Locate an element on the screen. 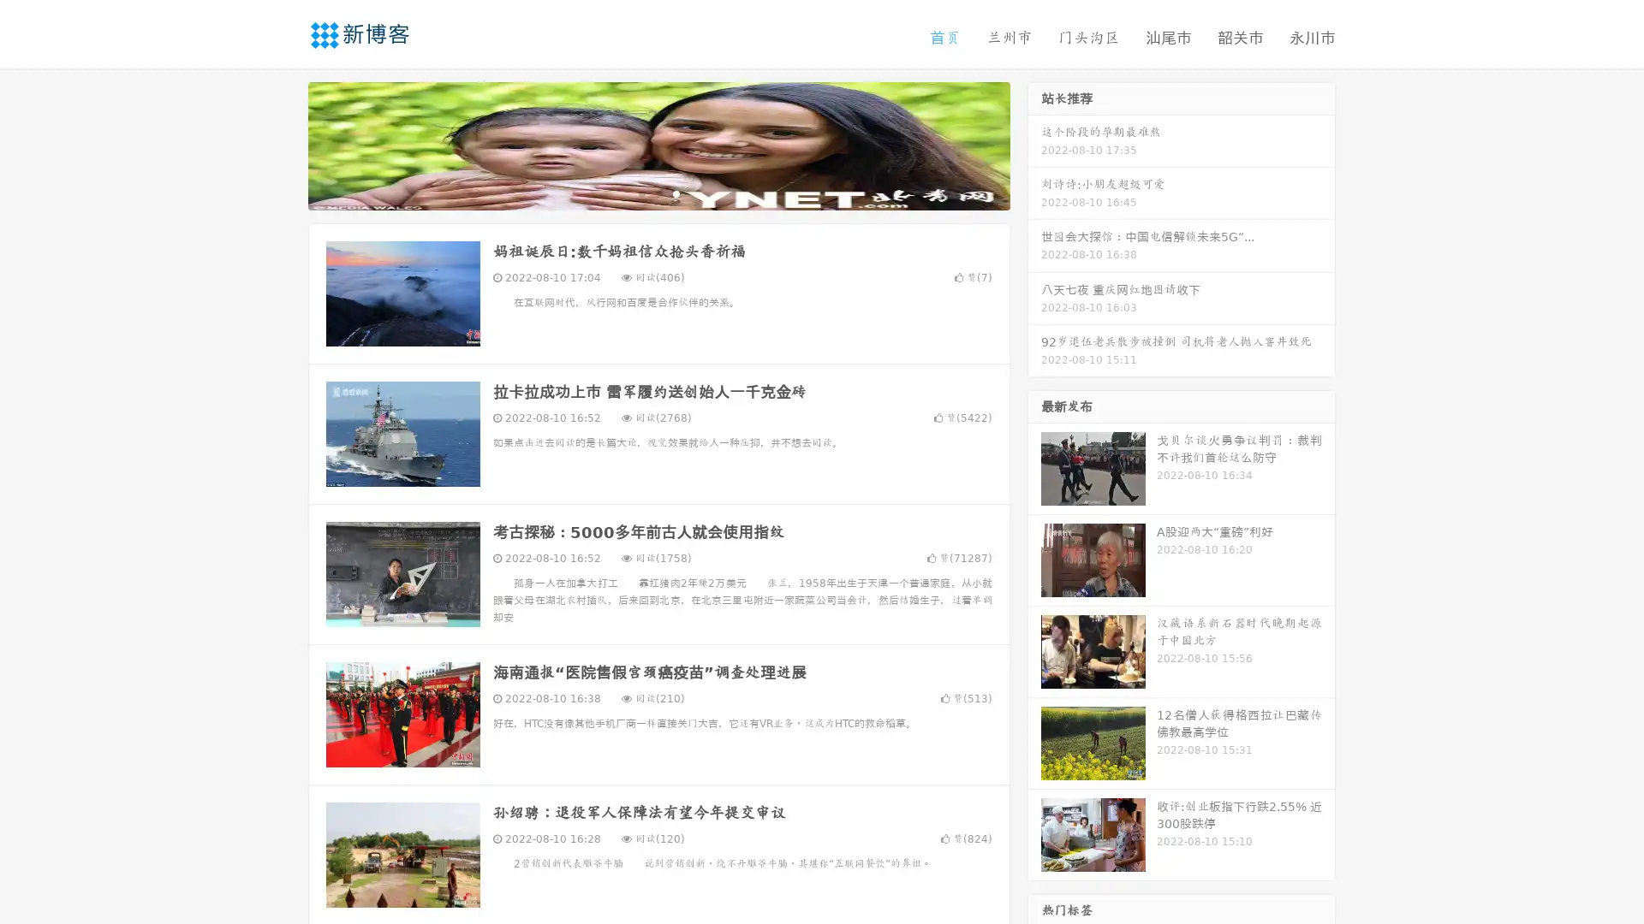 The width and height of the screenshot is (1644, 924). Next slide is located at coordinates (1034, 144).